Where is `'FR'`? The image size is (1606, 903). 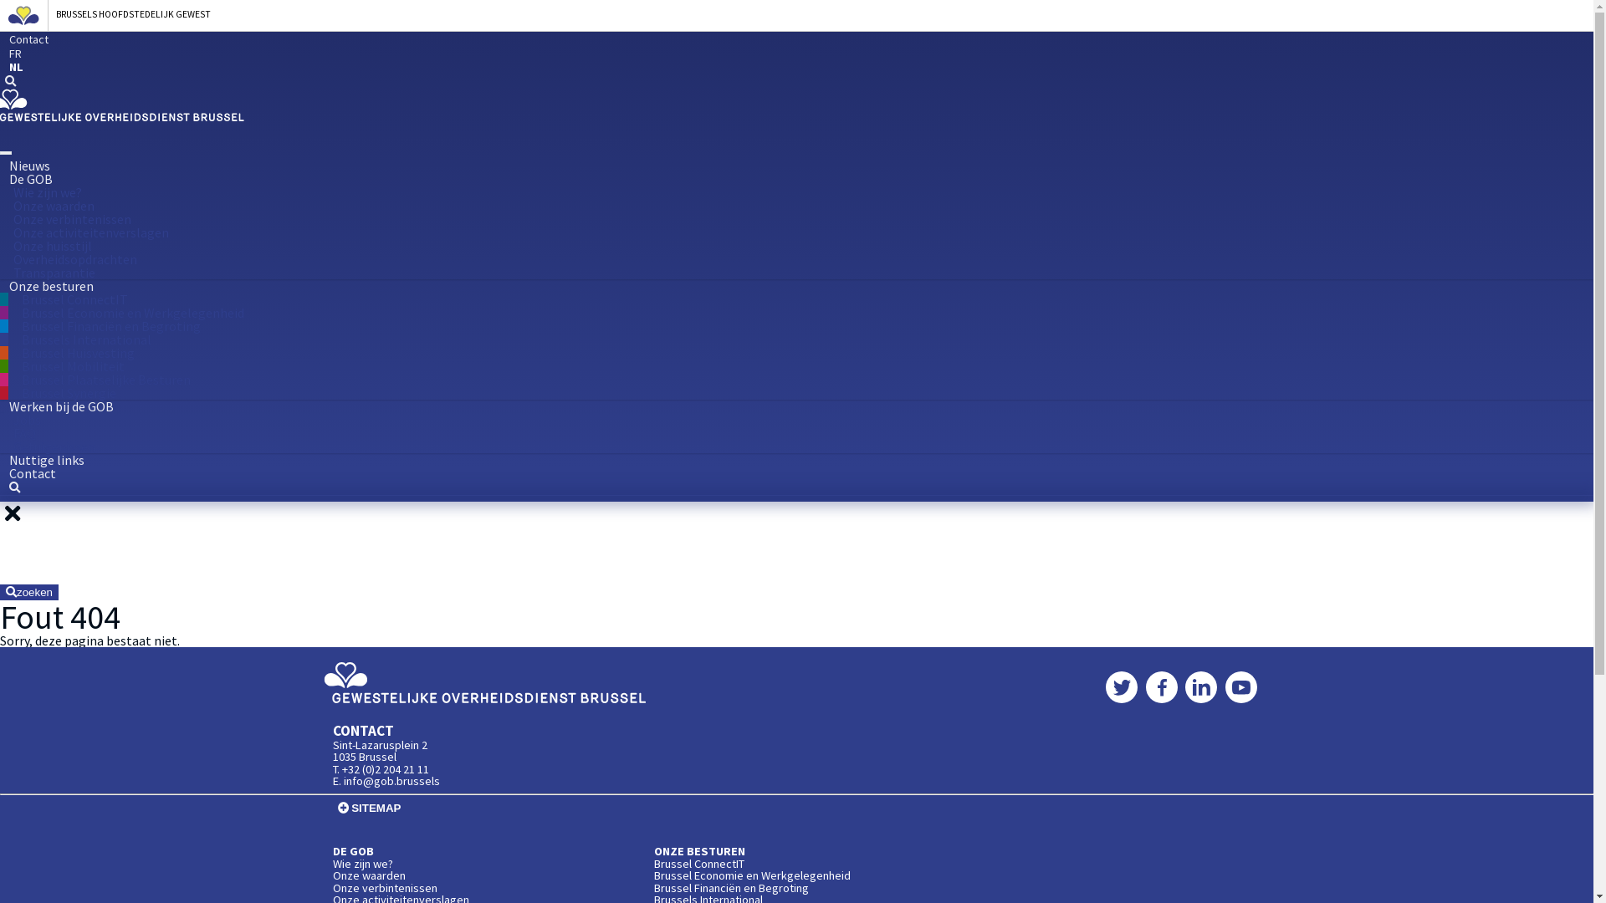 'FR' is located at coordinates (0, 54).